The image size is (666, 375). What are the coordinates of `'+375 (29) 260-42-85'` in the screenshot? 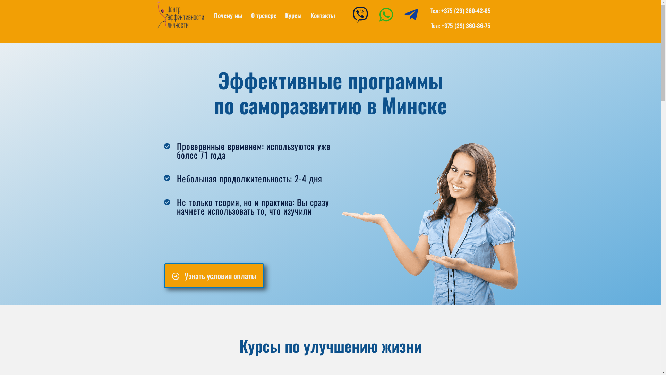 It's located at (466, 10).